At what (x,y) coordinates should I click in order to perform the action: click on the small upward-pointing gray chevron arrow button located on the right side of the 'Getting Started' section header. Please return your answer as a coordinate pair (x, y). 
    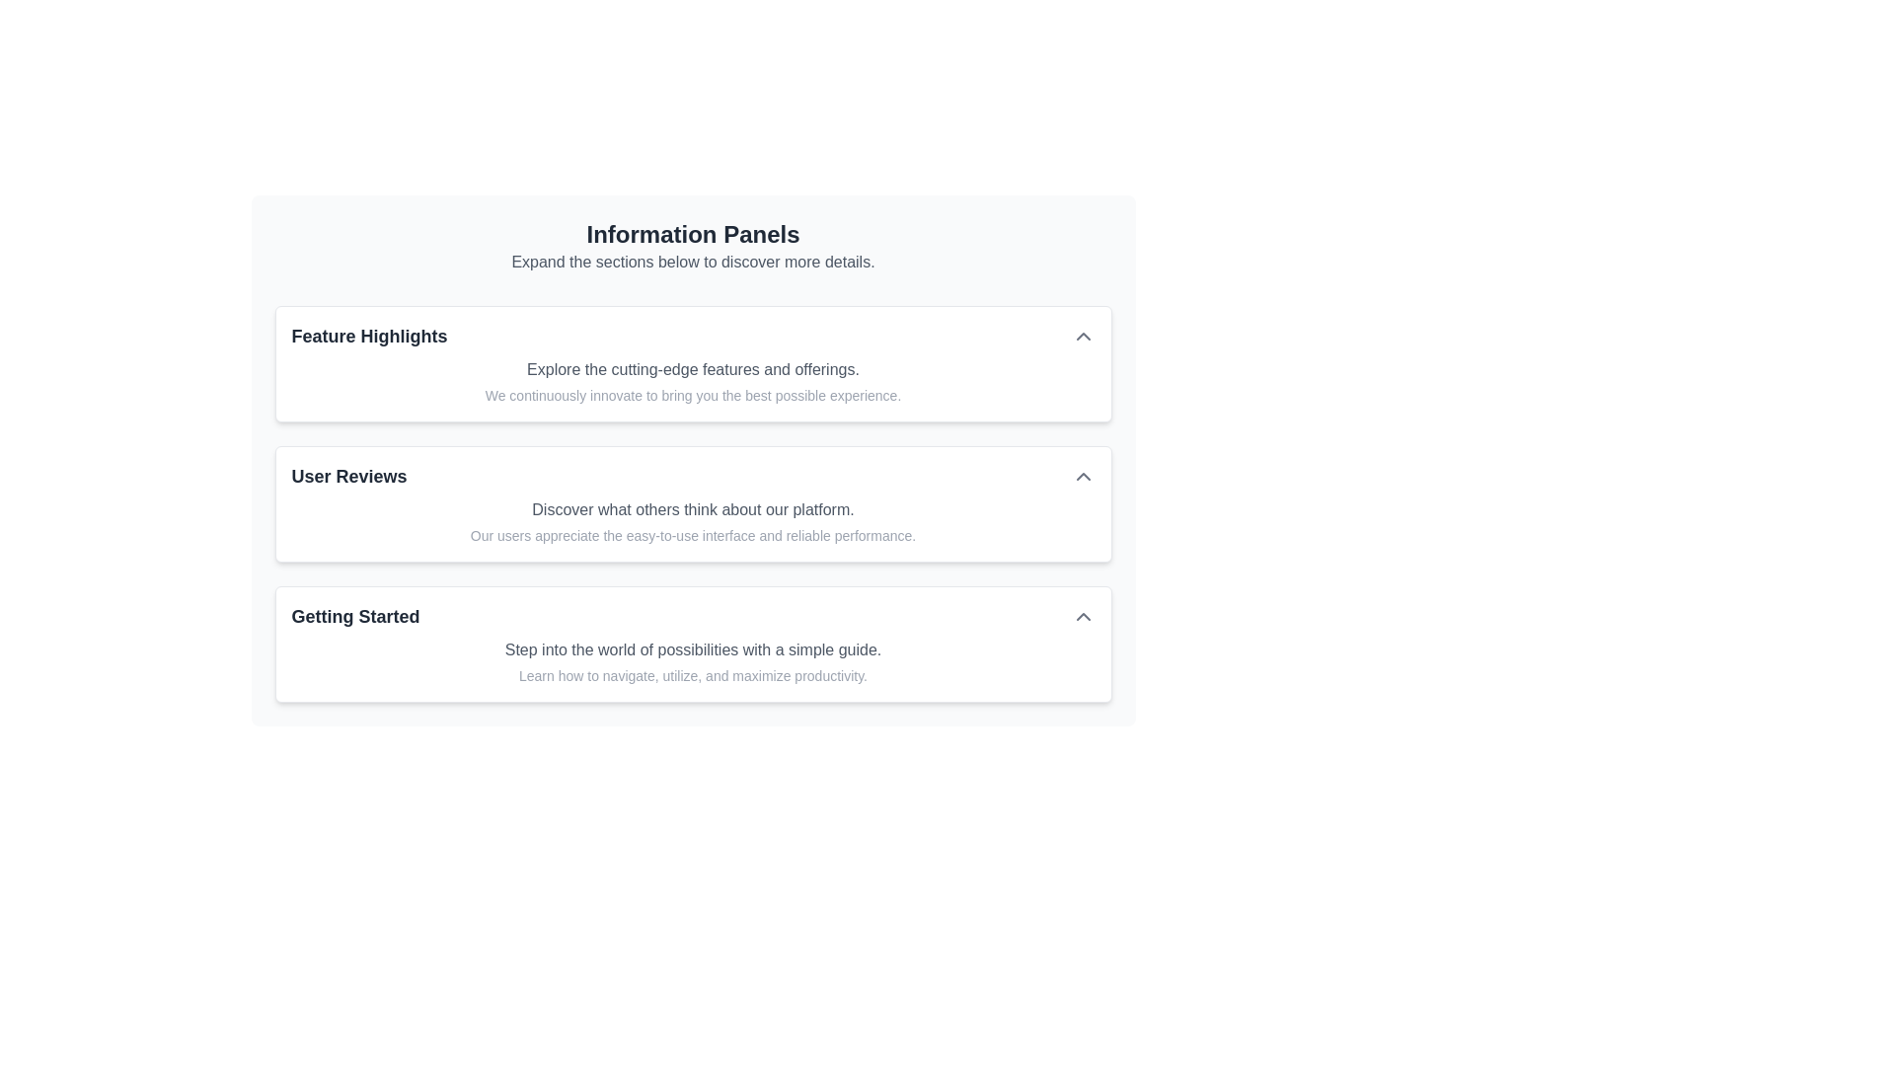
    Looking at the image, I should click on (1082, 615).